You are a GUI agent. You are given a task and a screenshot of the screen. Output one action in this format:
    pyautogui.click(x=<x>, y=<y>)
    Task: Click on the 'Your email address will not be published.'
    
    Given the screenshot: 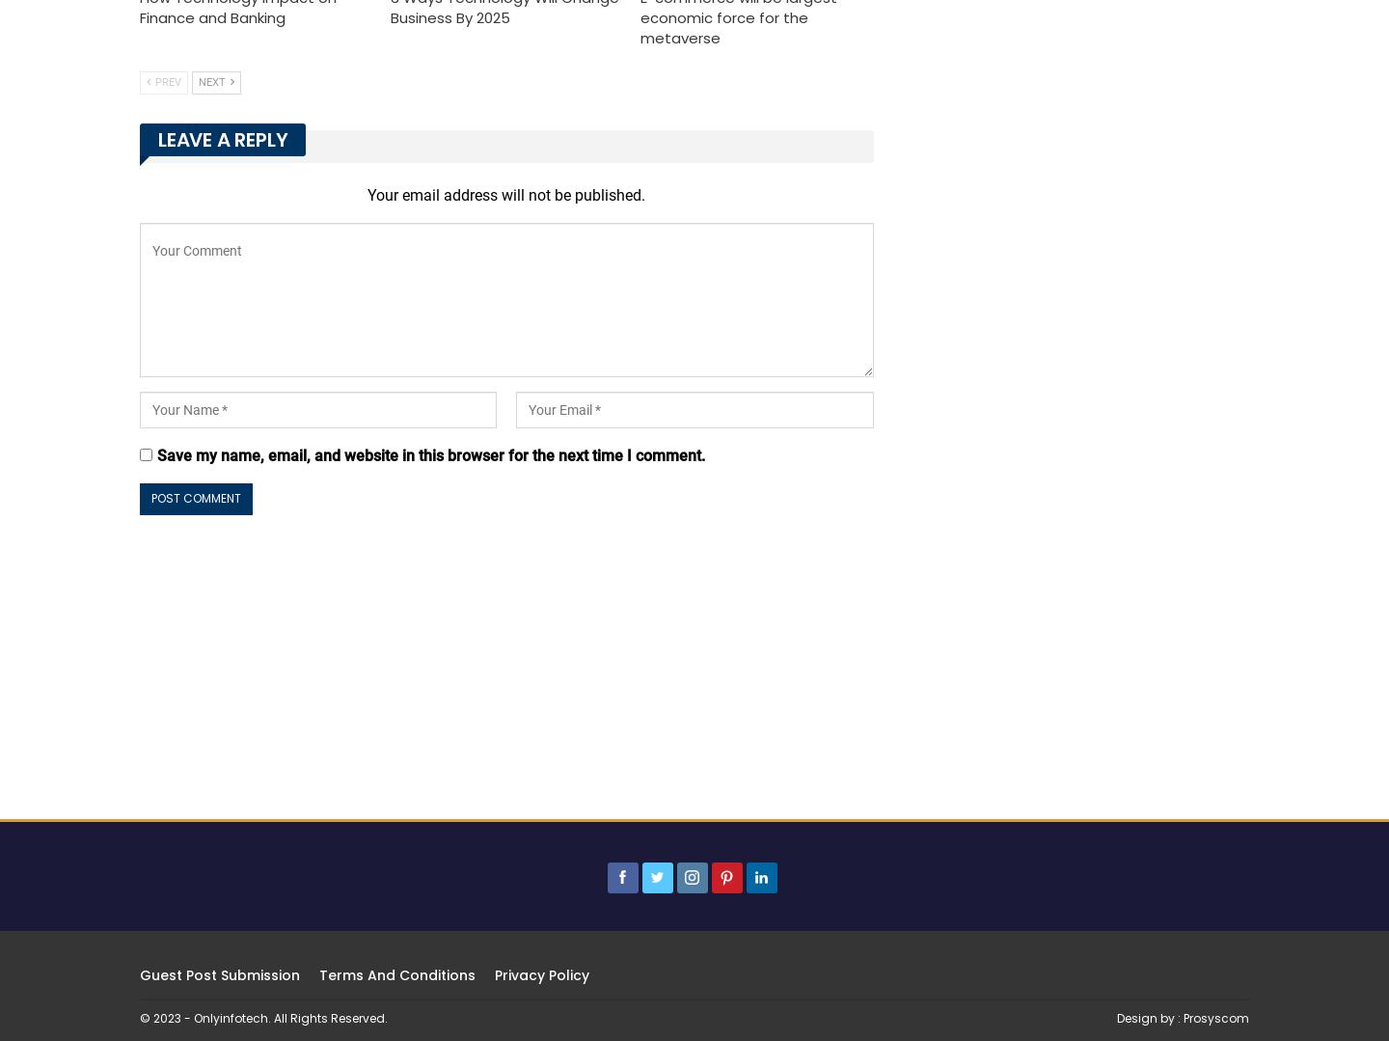 What is the action you would take?
    pyautogui.click(x=367, y=194)
    